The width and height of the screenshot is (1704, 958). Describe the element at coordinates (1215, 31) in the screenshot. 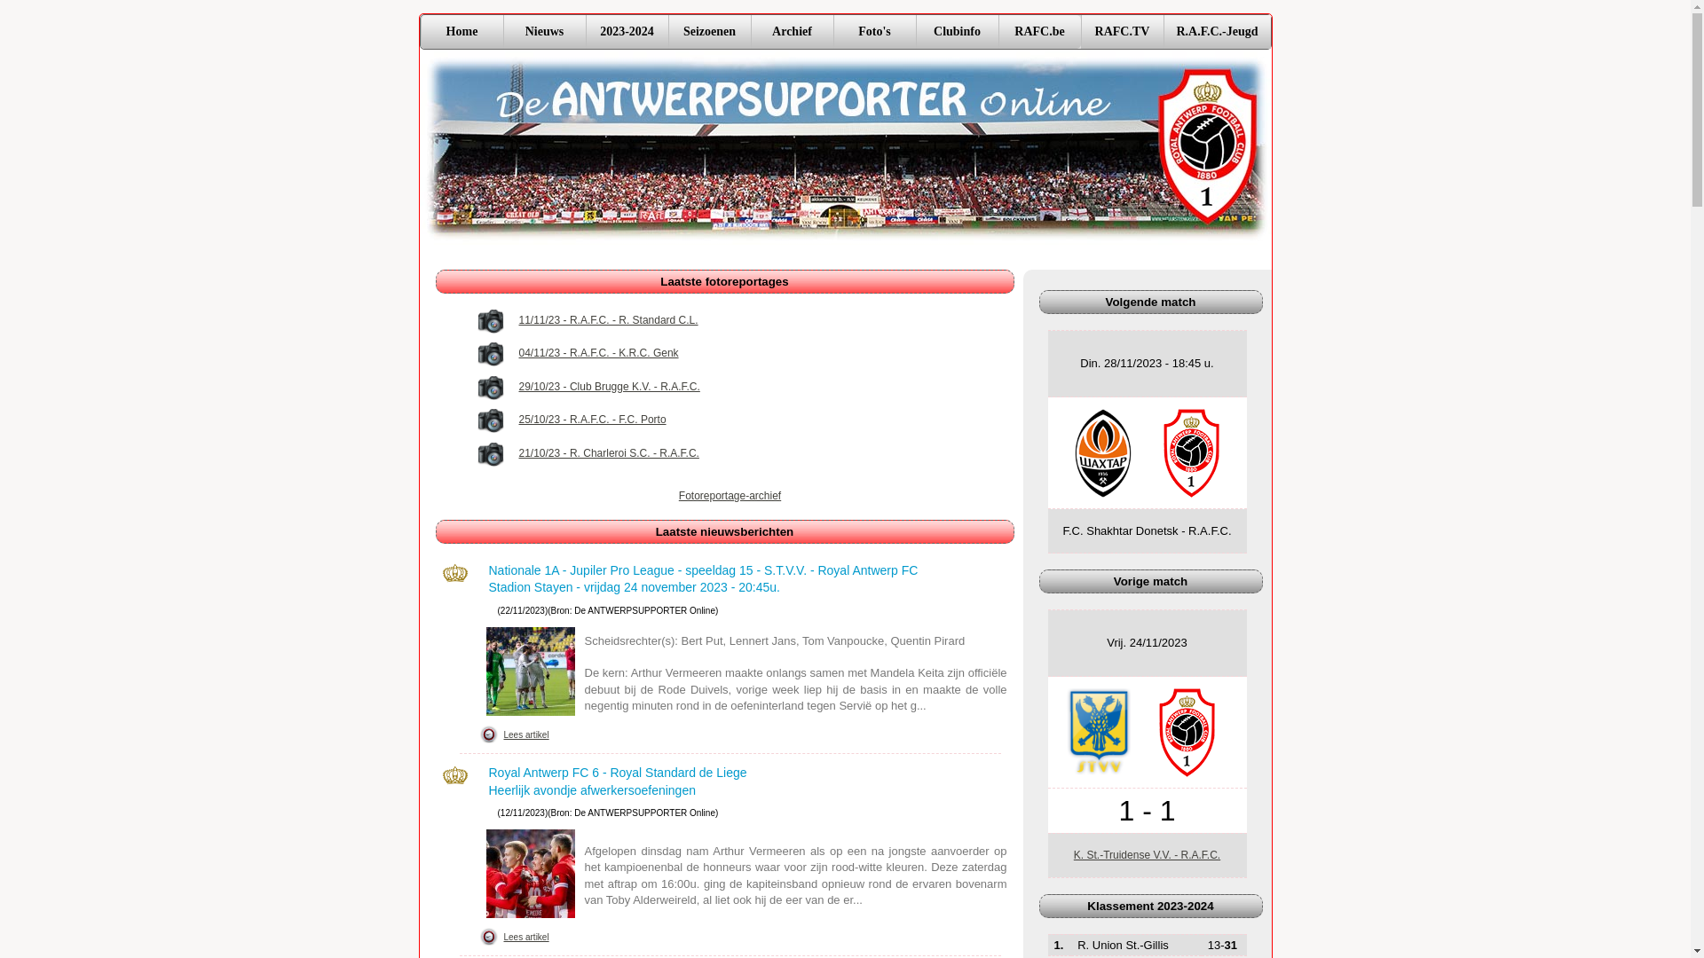

I see `'R.A.F.C.-Jeugd'` at that location.